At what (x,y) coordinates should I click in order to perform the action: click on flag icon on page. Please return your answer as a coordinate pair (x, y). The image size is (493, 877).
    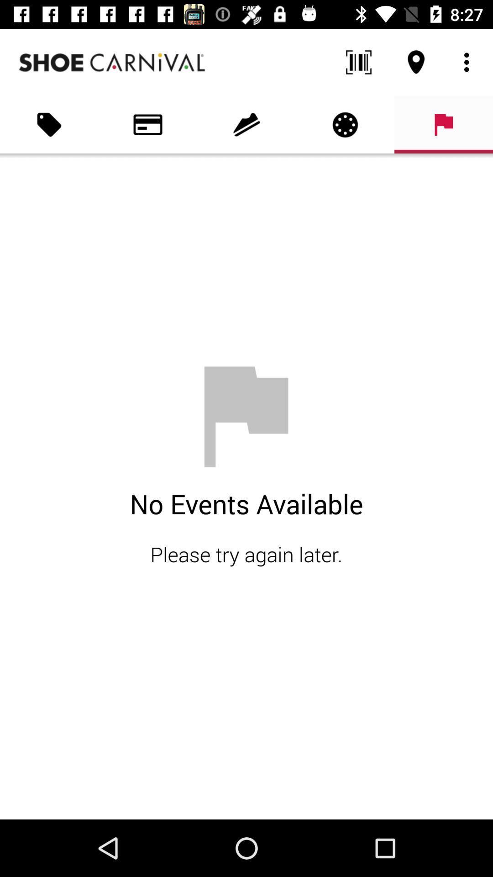
    Looking at the image, I should click on (443, 124).